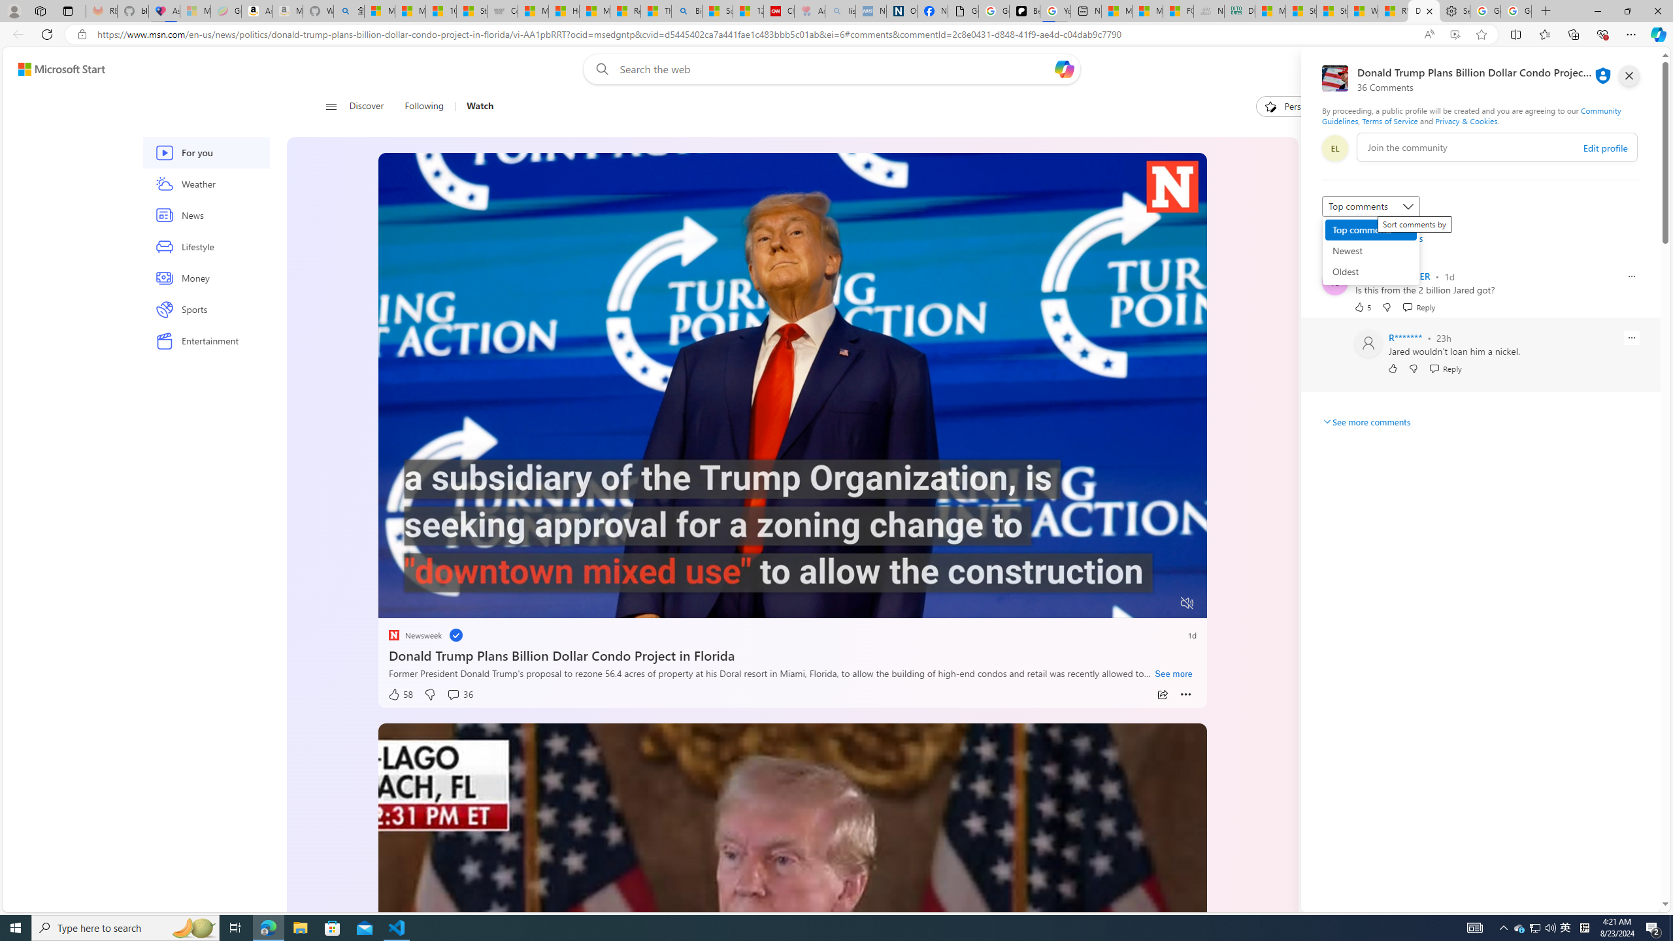  What do you see at coordinates (1455, 35) in the screenshot?
I see `'Enhance video'` at bounding box center [1455, 35].